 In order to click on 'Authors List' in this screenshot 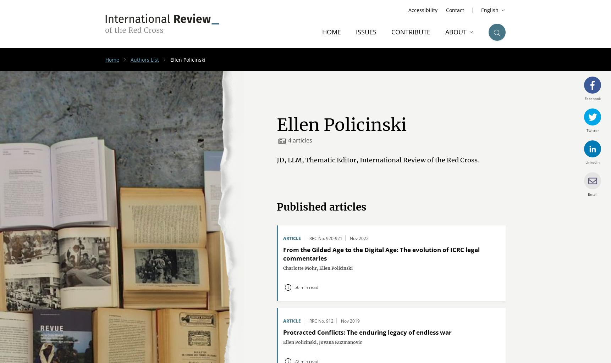, I will do `click(144, 59)`.